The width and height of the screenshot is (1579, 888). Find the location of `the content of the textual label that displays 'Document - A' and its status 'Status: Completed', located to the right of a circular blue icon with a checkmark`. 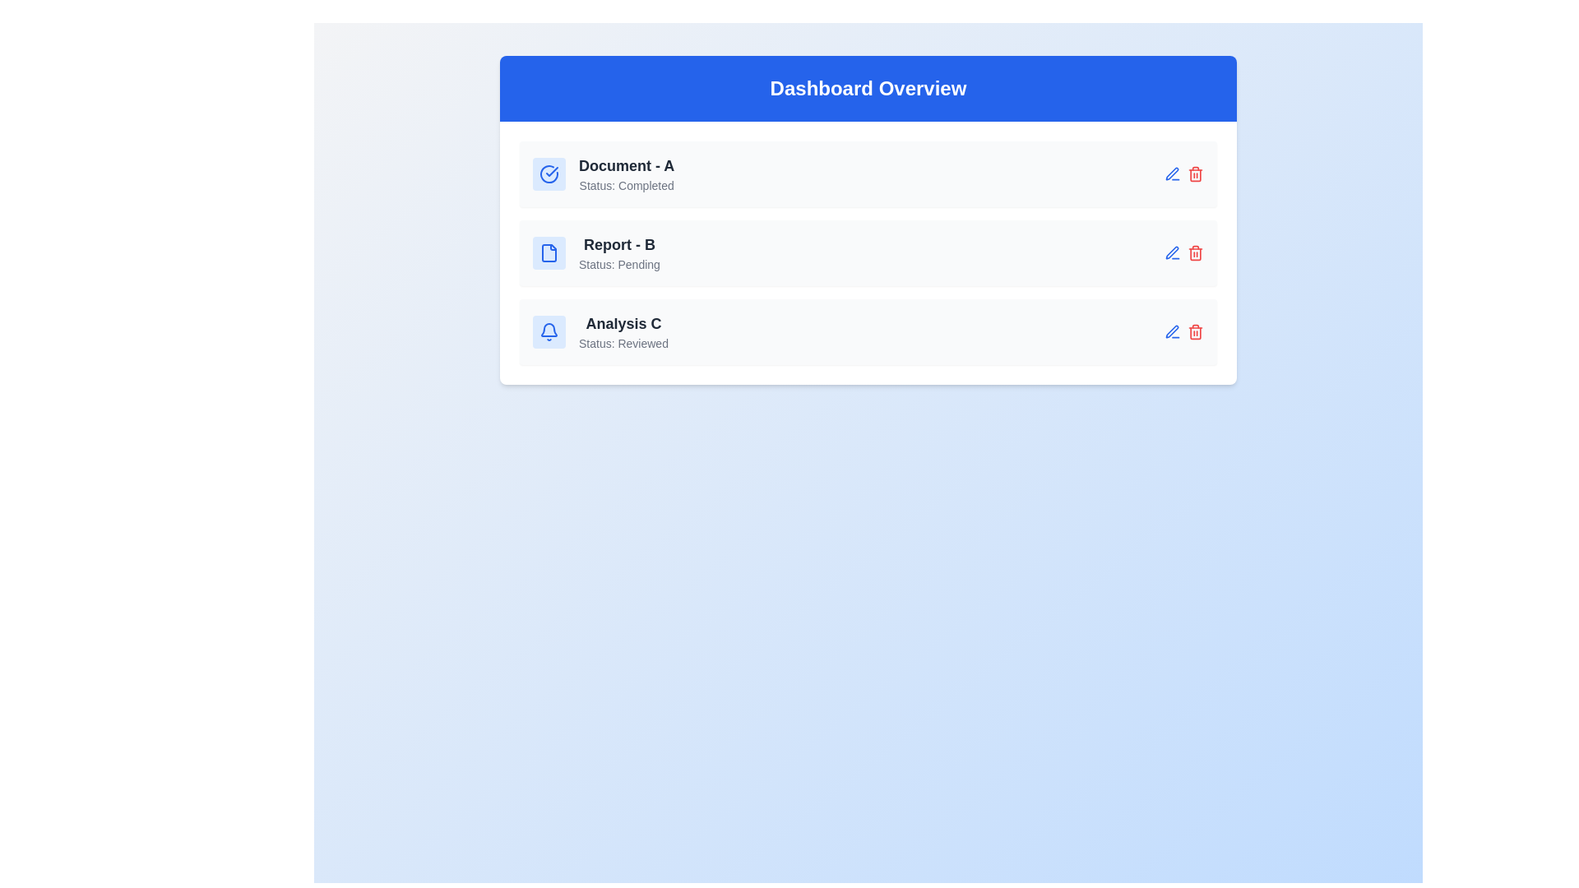

the content of the textual label that displays 'Document - A' and its status 'Status: Completed', located to the right of a circular blue icon with a checkmark is located at coordinates (626, 174).